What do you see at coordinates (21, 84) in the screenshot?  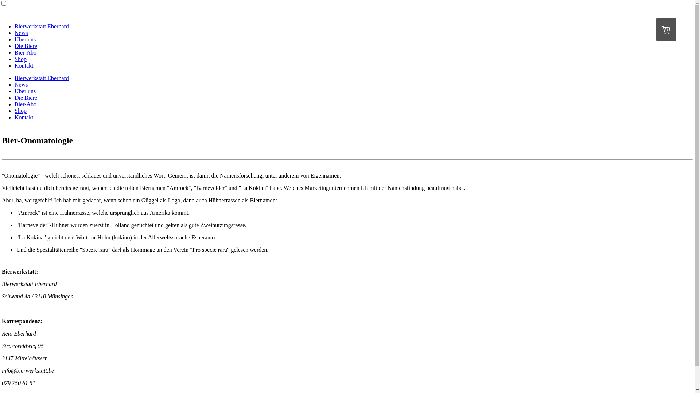 I see `'News'` at bounding box center [21, 84].